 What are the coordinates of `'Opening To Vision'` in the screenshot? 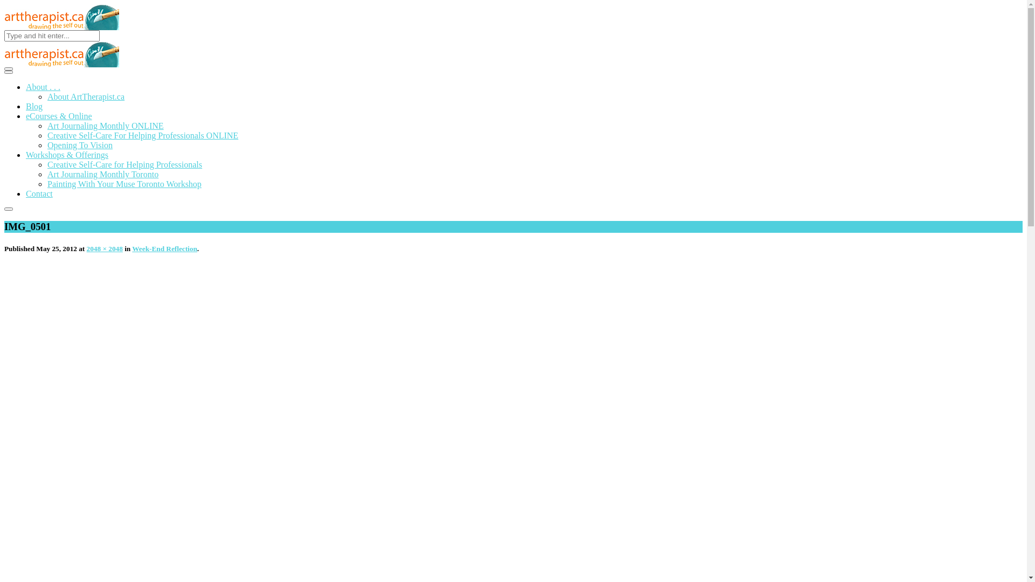 It's located at (79, 144).